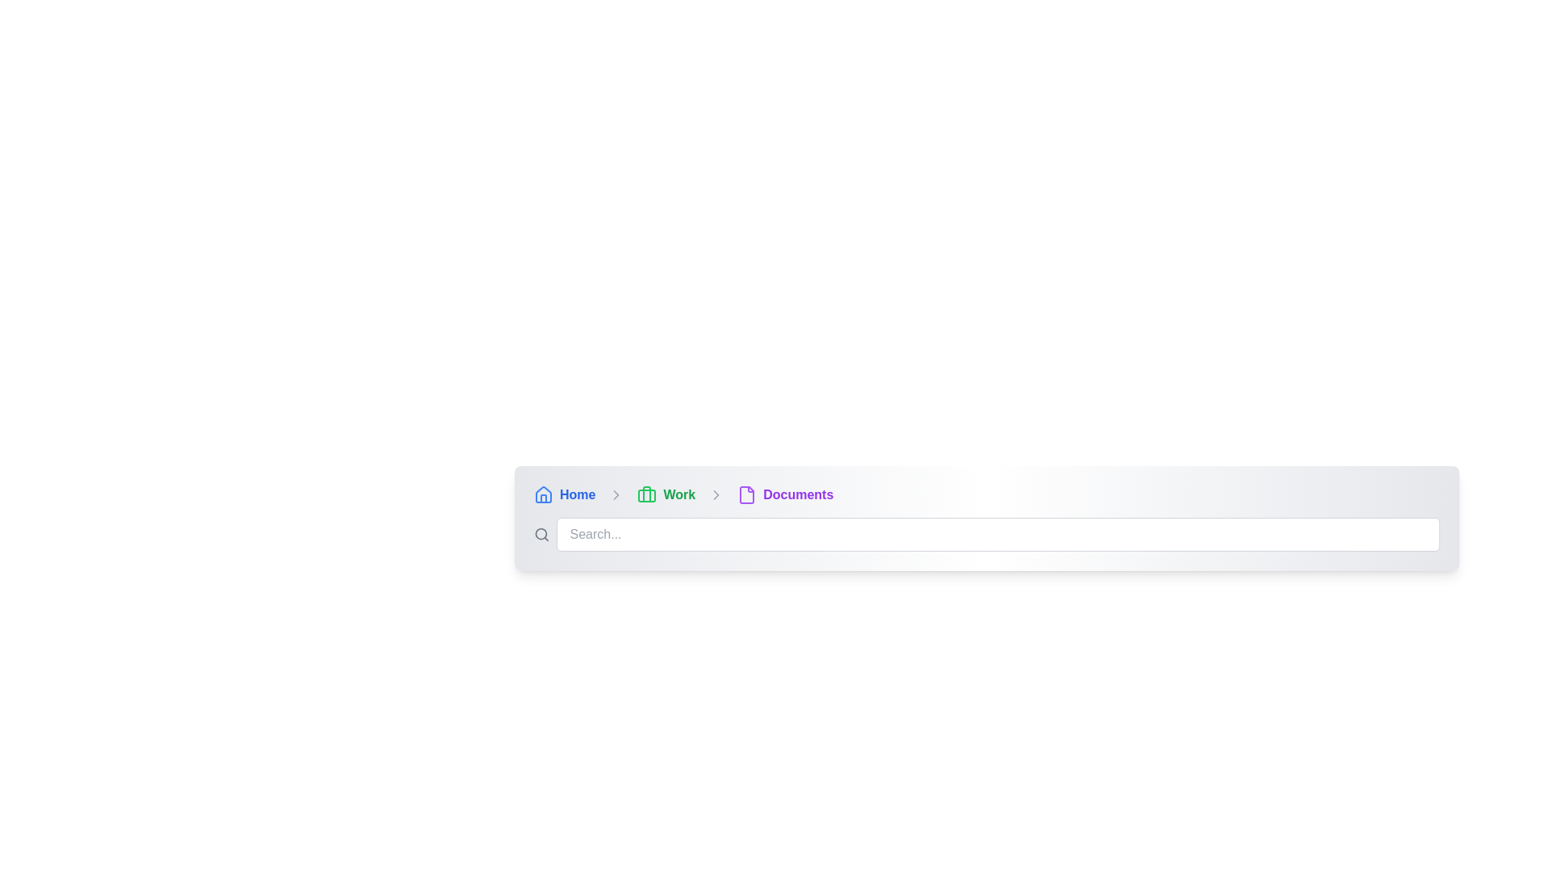  Describe the element at coordinates (785, 494) in the screenshot. I see `the 'Documents' breadcrumb navigation item, which is the last item in the breadcrumb navigation bar and features bold, purple text with a document icon` at that location.